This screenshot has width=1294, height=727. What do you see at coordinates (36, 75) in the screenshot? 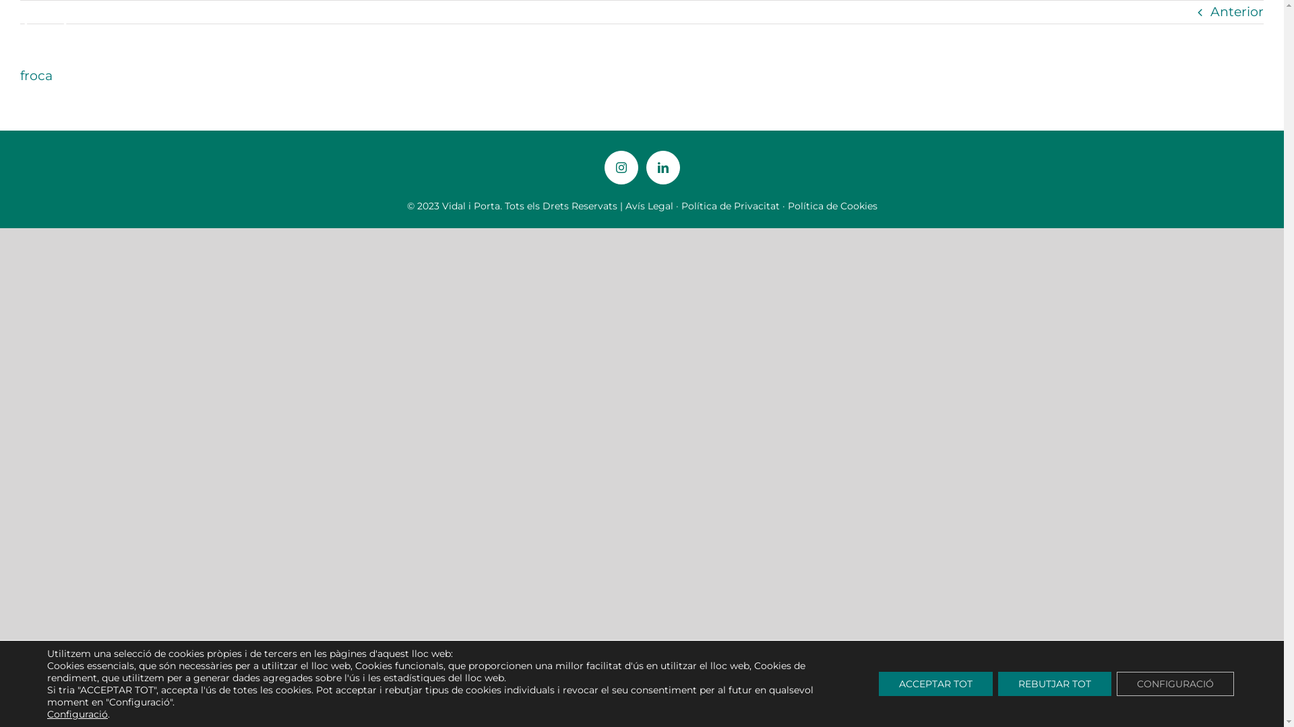
I see `'froca'` at bounding box center [36, 75].